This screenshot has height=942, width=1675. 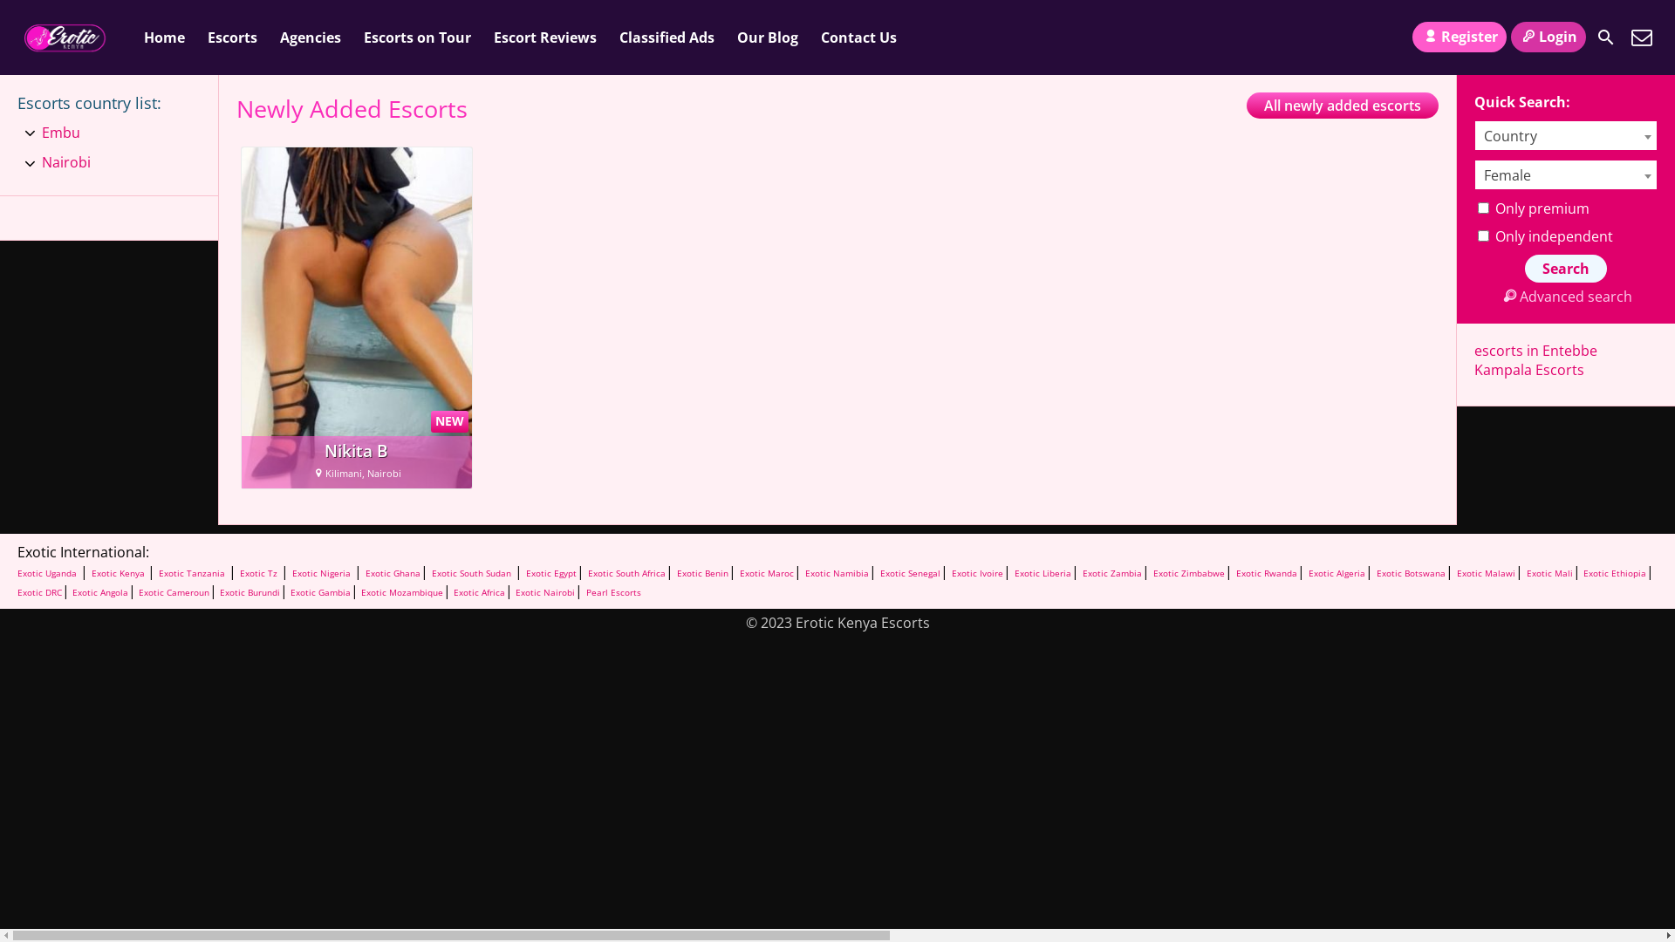 What do you see at coordinates (39, 590) in the screenshot?
I see `'Exotic DRC'` at bounding box center [39, 590].